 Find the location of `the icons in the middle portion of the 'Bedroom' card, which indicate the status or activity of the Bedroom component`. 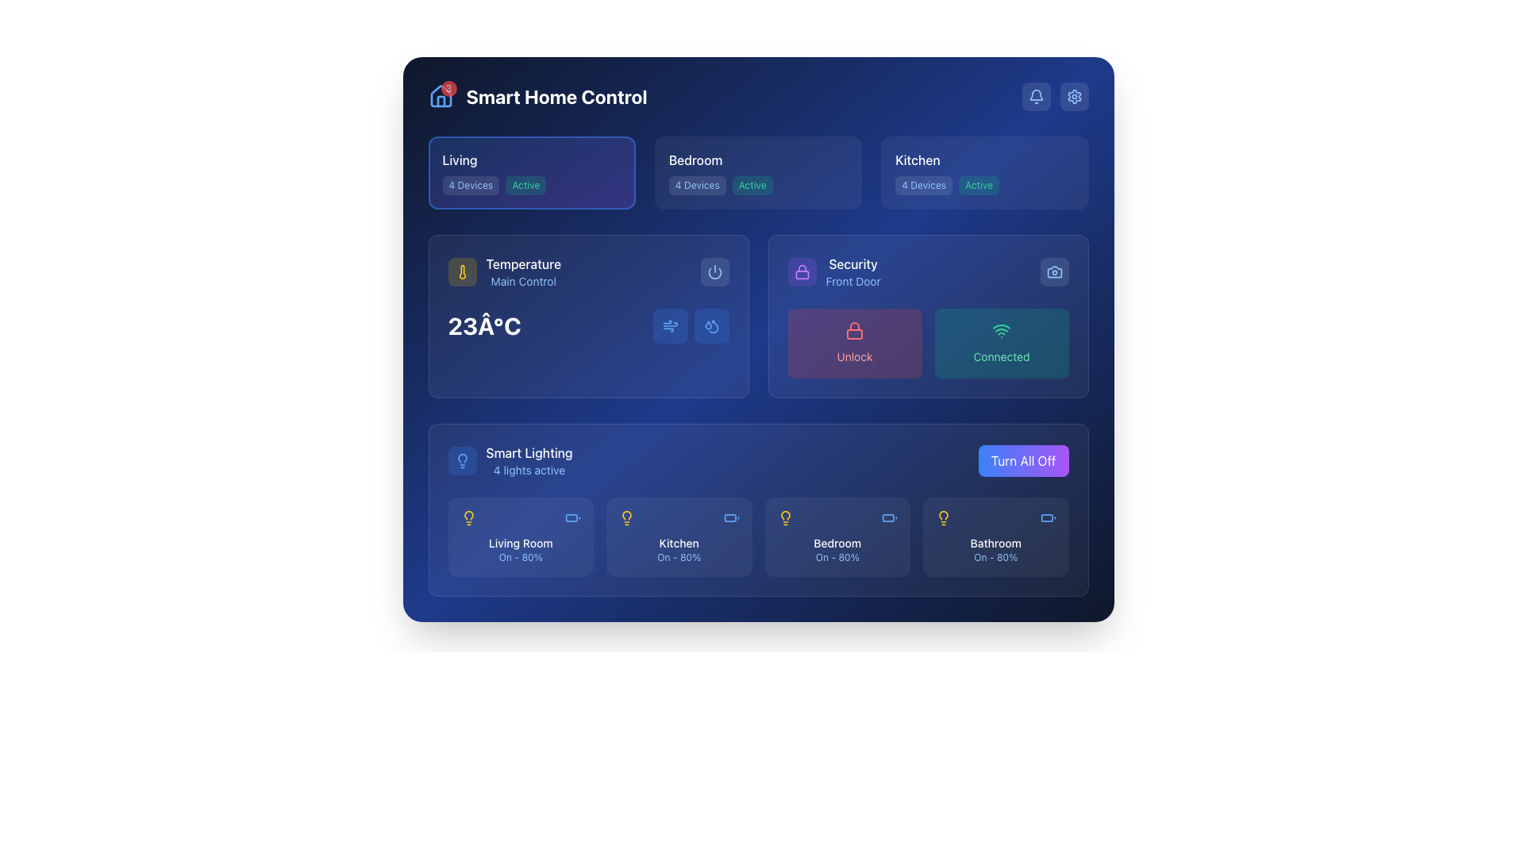

the icons in the middle portion of the 'Bedroom' card, which indicate the status or activity of the Bedroom component is located at coordinates (837, 517).